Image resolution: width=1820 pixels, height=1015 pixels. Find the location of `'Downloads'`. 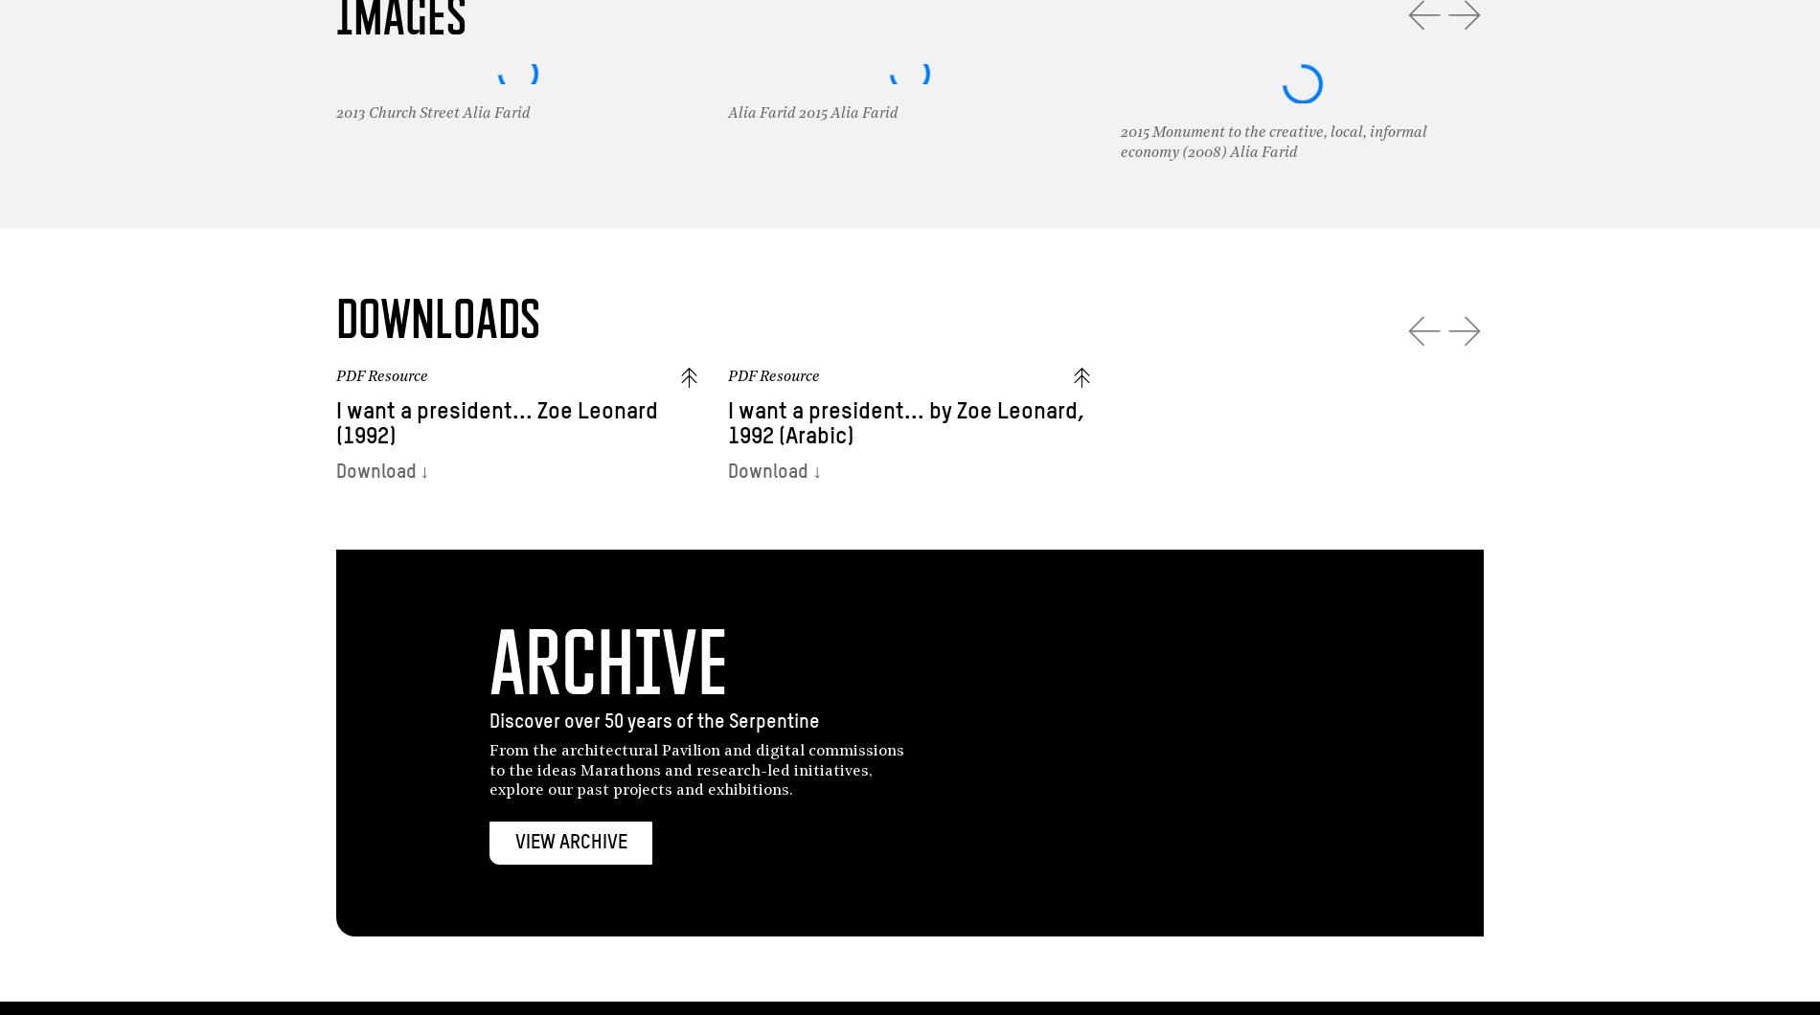

'Downloads' is located at coordinates (333, 318).